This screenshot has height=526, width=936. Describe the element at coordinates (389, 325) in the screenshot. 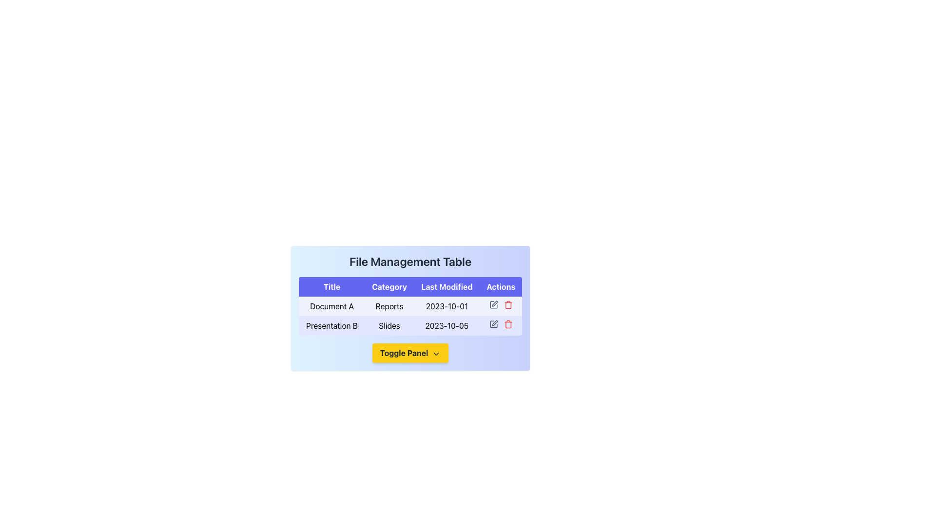

I see `the text label in the second row of the table that displays the category of the document, positioned between 'Presentation B' and '2023-10-05'` at that location.